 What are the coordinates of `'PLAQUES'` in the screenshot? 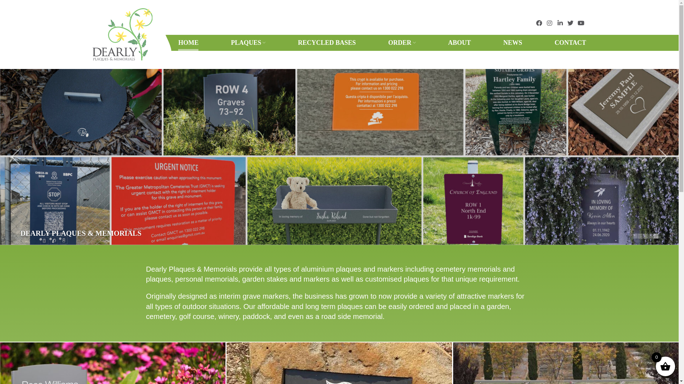 It's located at (248, 43).